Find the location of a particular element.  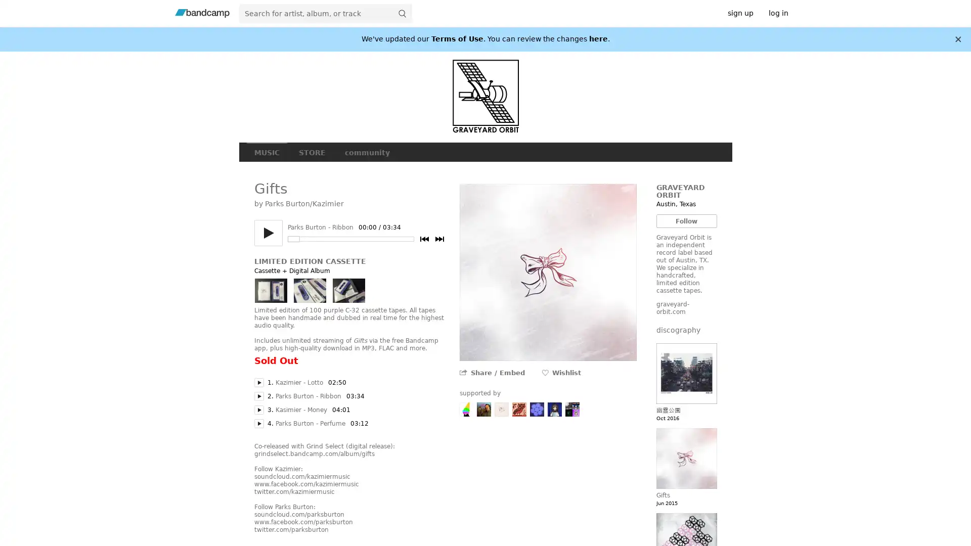

Play Parks Burton - Ribbon is located at coordinates (258, 395).